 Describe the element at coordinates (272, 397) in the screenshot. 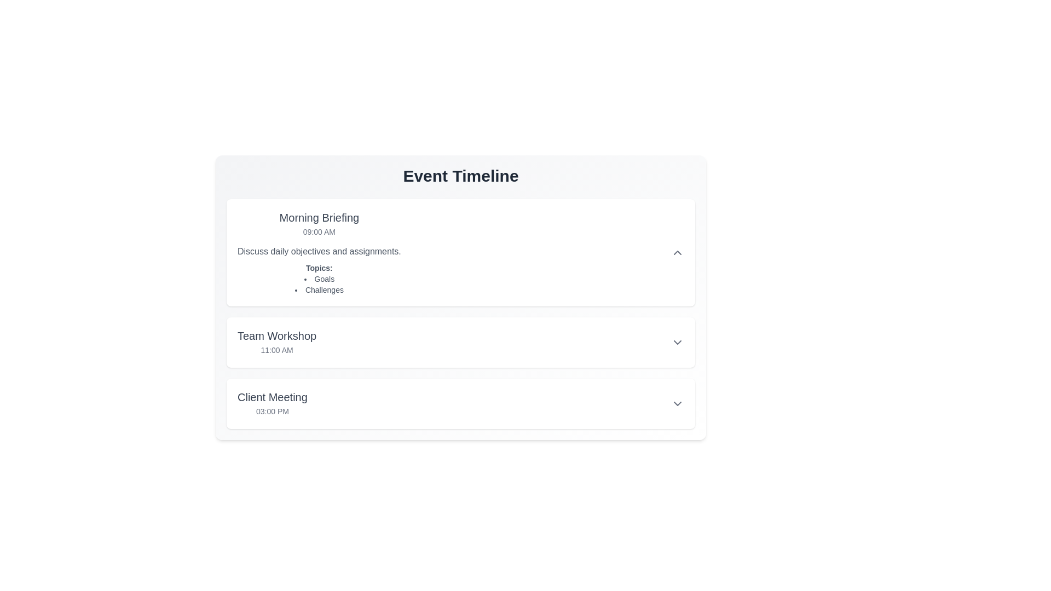

I see `text of the 'Client Meeting' label located above the time '03:00 PM' in the last block of the event timeline` at that location.